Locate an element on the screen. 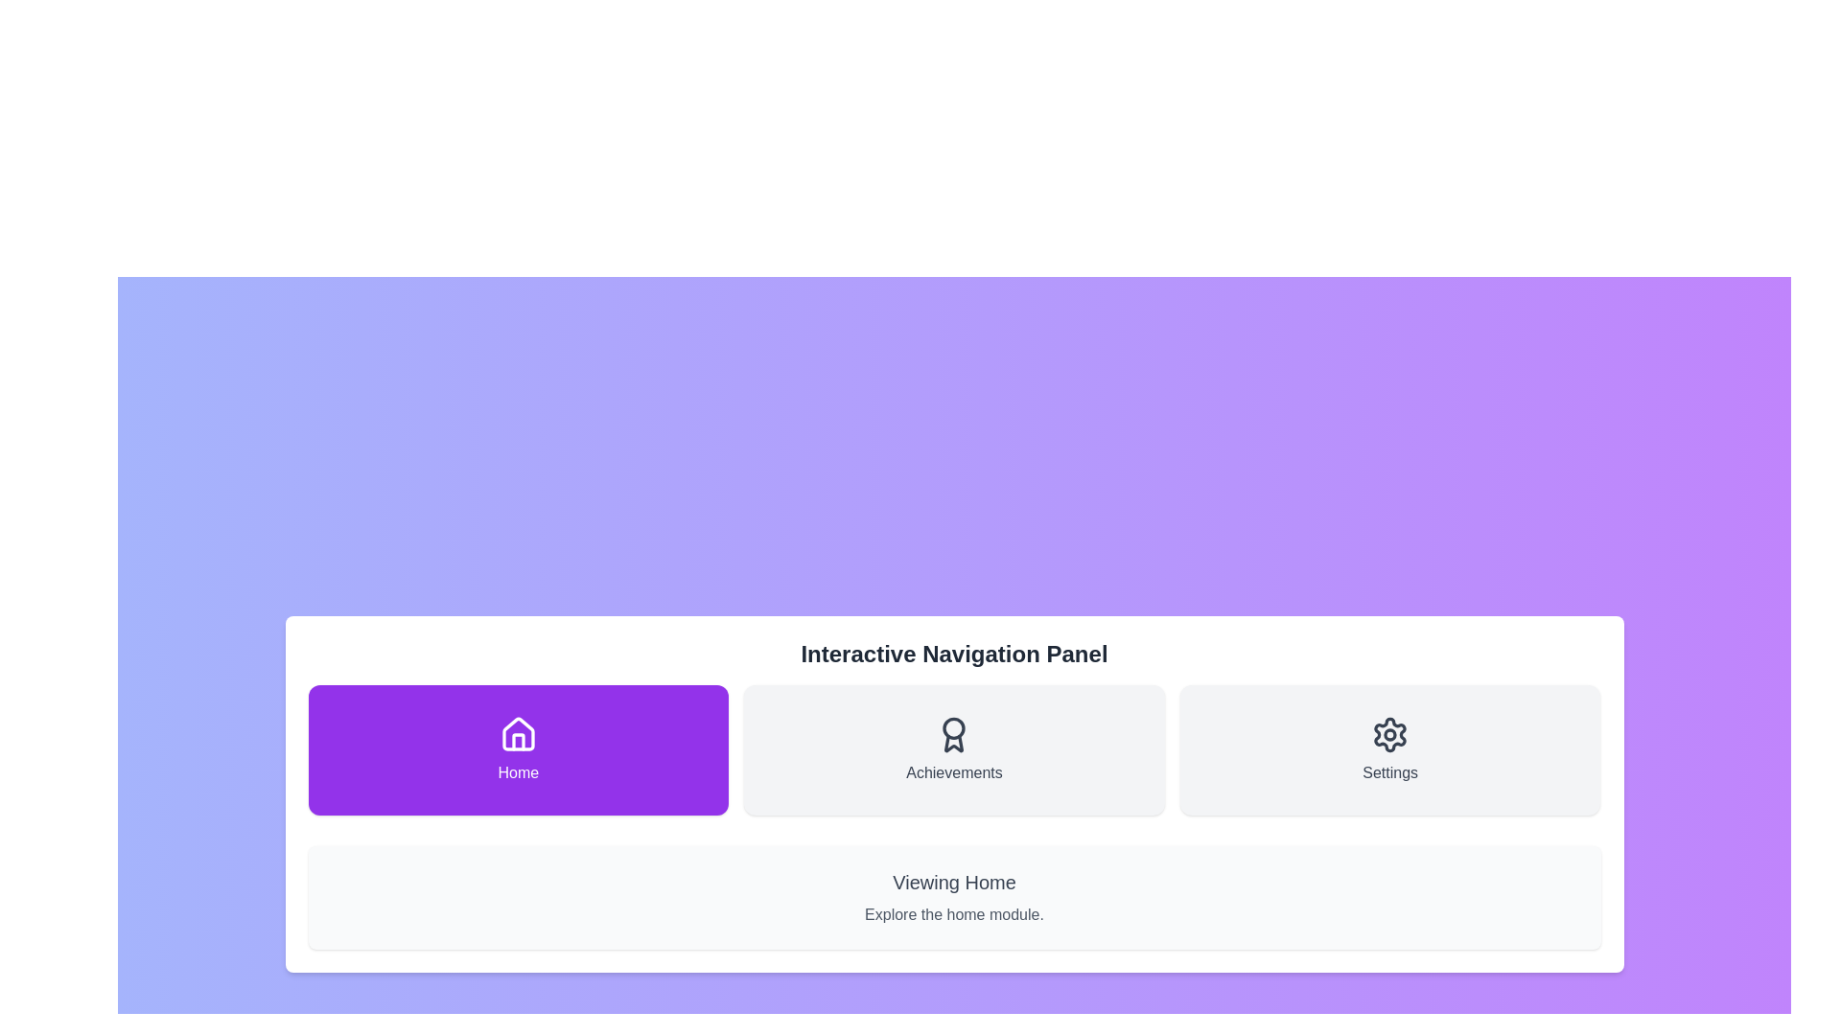  the small circle located at the center of the gear-shaped settings icon in the top-right corner of the interactive navigation panel is located at coordinates (1390, 734).